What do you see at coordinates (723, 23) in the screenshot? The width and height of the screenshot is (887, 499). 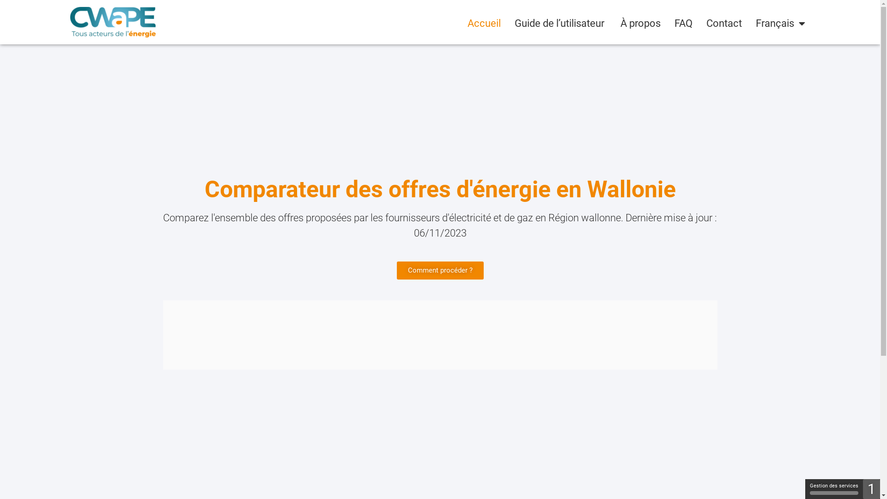 I see `'Contact'` at bounding box center [723, 23].